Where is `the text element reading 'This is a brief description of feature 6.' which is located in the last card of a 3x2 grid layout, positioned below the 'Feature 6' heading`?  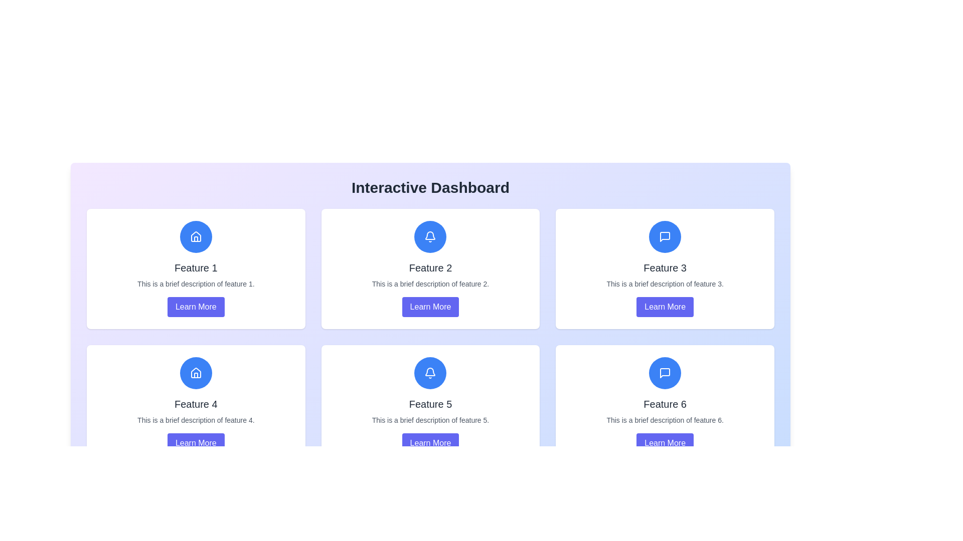 the text element reading 'This is a brief description of feature 6.' which is located in the last card of a 3x2 grid layout, positioned below the 'Feature 6' heading is located at coordinates (665, 420).